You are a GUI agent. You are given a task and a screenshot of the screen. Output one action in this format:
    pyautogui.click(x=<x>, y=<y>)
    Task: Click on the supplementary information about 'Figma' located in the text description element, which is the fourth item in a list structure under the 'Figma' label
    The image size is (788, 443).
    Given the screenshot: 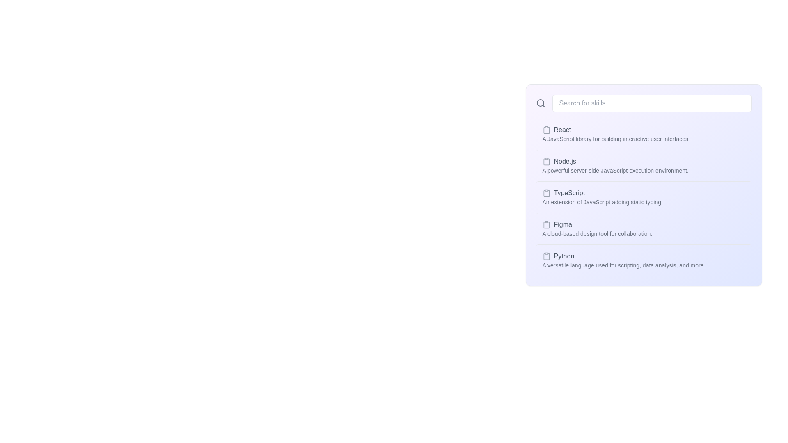 What is the action you would take?
    pyautogui.click(x=597, y=234)
    